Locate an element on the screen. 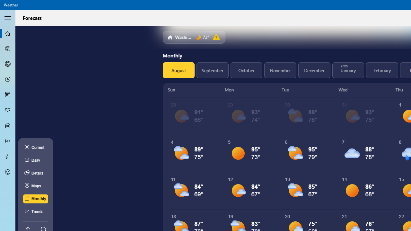  'Pollen - Not Selected' is located at coordinates (8, 110).